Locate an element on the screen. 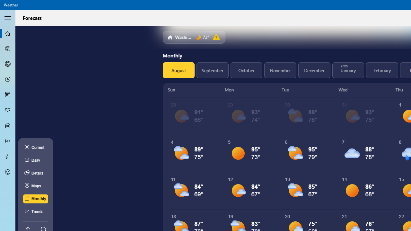  'Pollen - Not Selected' is located at coordinates (8, 110).